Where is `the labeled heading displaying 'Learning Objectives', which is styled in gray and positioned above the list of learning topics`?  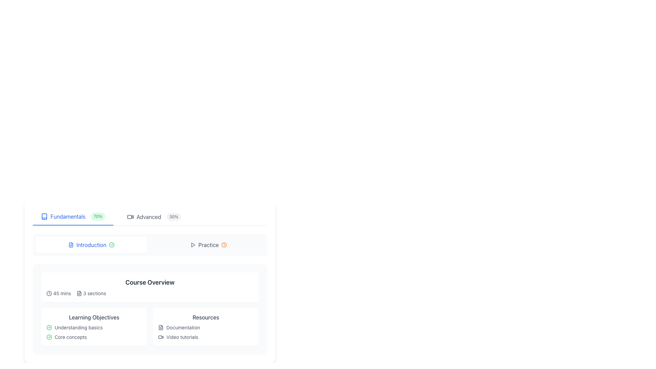 the labeled heading displaying 'Learning Objectives', which is styled in gray and positioned above the list of learning topics is located at coordinates (94, 317).